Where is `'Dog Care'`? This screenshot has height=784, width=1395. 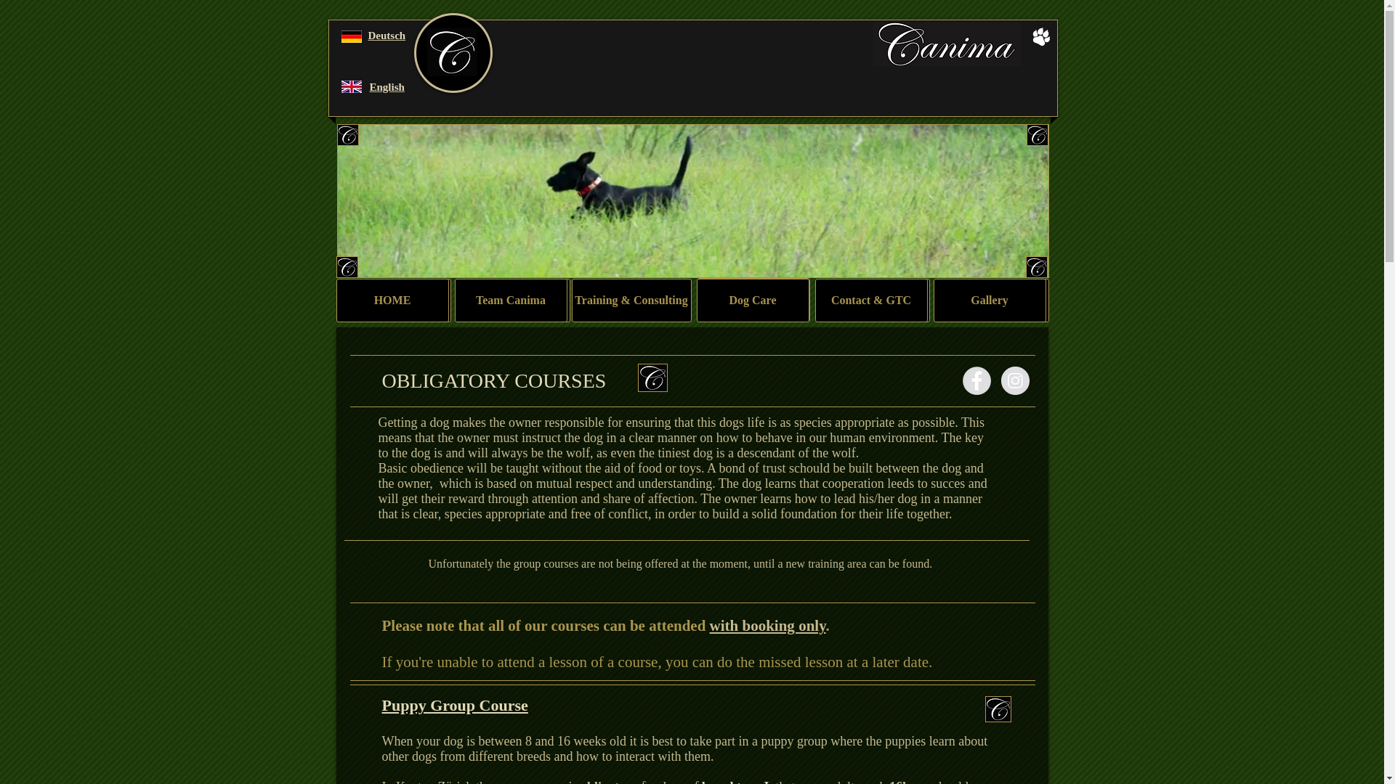 'Dog Care' is located at coordinates (752, 299).